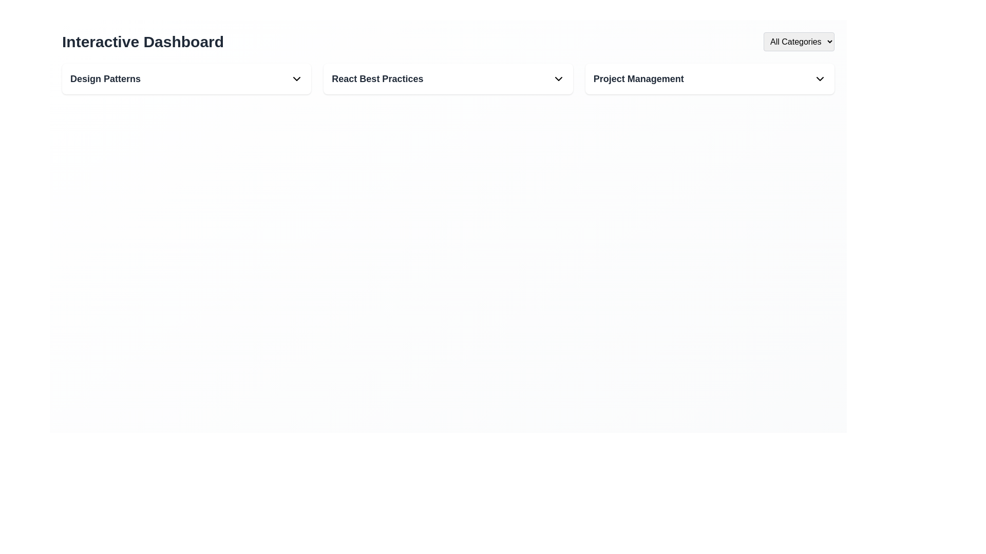 The image size is (986, 554). What do you see at coordinates (558, 78) in the screenshot?
I see `the dropdown toggle button icon associated with the 'React Best Practices' label` at bounding box center [558, 78].